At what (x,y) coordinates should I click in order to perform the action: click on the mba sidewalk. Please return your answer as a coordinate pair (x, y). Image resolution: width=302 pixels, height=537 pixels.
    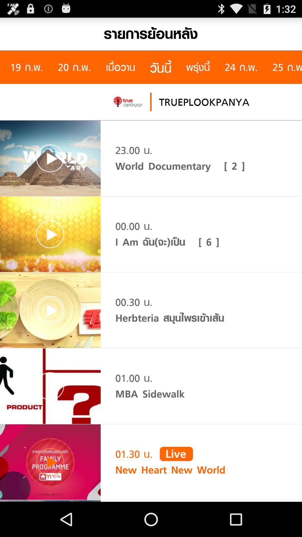
    Looking at the image, I should click on (150, 394).